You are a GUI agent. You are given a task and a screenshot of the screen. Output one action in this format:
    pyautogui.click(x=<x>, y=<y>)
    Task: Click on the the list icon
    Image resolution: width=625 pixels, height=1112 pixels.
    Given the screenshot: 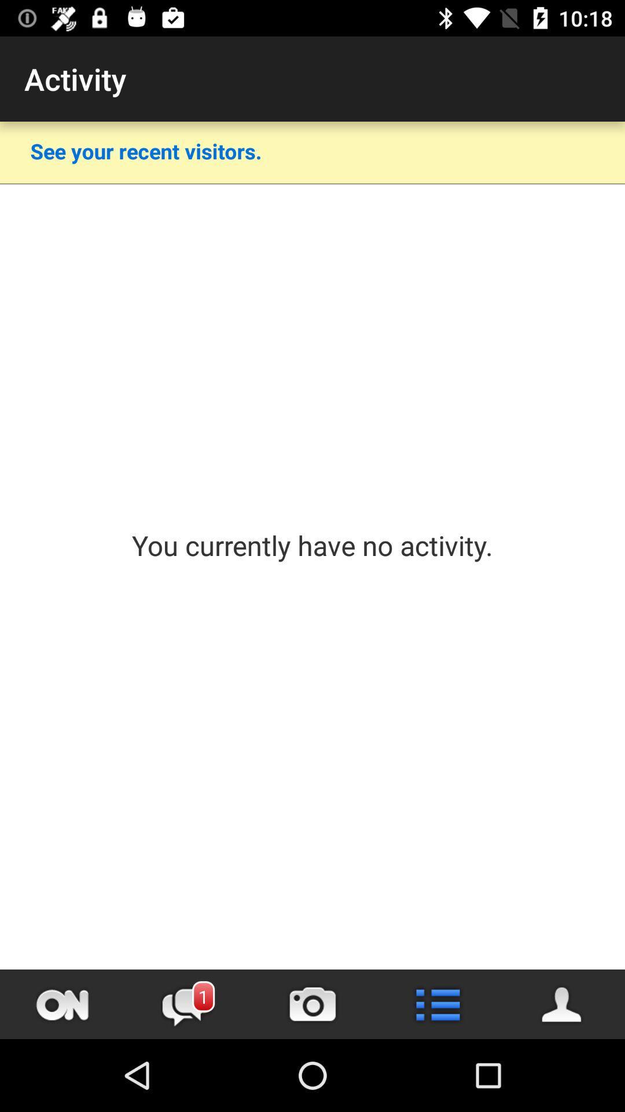 What is the action you would take?
    pyautogui.click(x=437, y=1004)
    